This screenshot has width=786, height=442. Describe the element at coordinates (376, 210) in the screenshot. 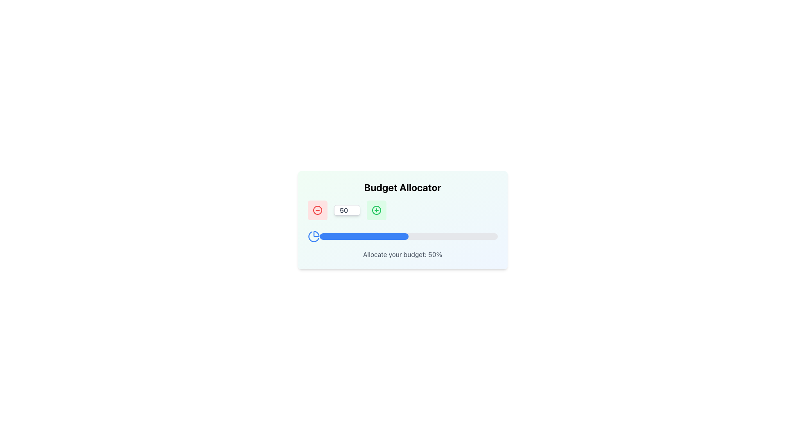

I see `the green circular button with a plus sign located inside the 'Budget Allocator' widget to increment the numerical value` at that location.